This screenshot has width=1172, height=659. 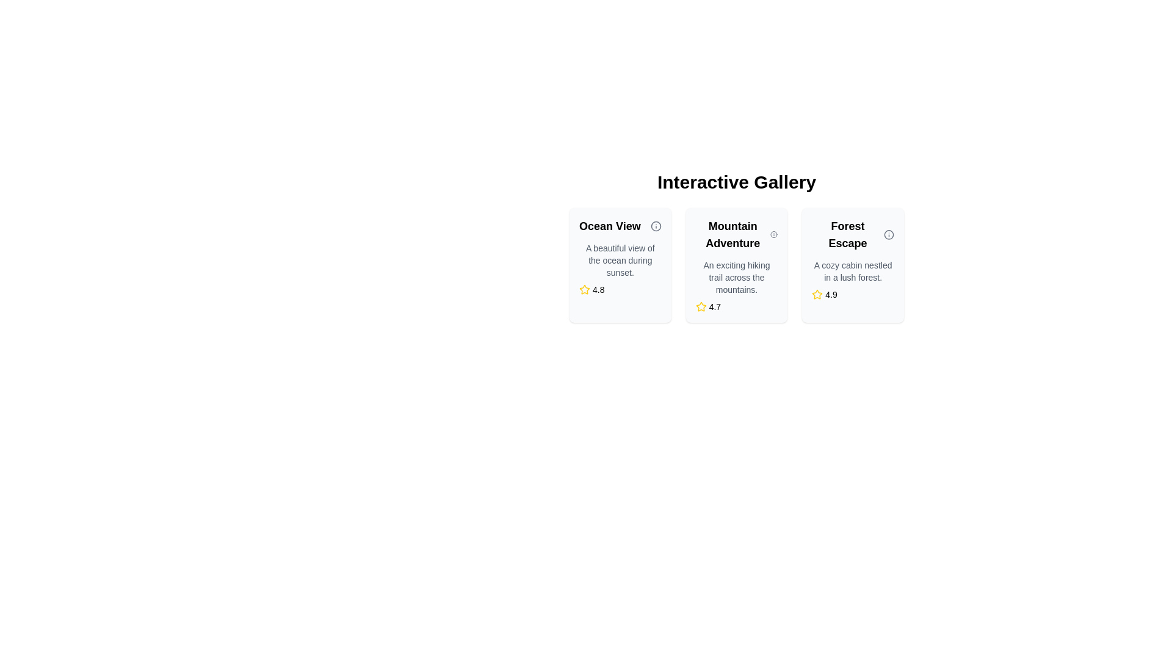 What do you see at coordinates (584, 289) in the screenshot?
I see `the star-shaped icon with a yellow outline representing ratings, located to the left of the text '4.8' in the 'Ocean View' card` at bounding box center [584, 289].